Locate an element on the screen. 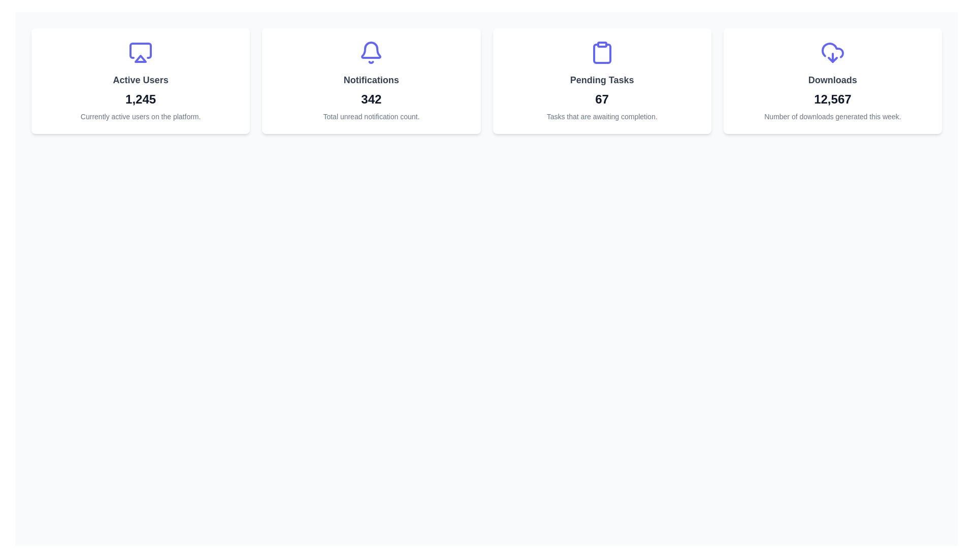 The width and height of the screenshot is (975, 548). the small rectangular shape with rounded corners located at the top of the clipboard icon in the 'Pending Tasks' card is located at coordinates (602, 44).